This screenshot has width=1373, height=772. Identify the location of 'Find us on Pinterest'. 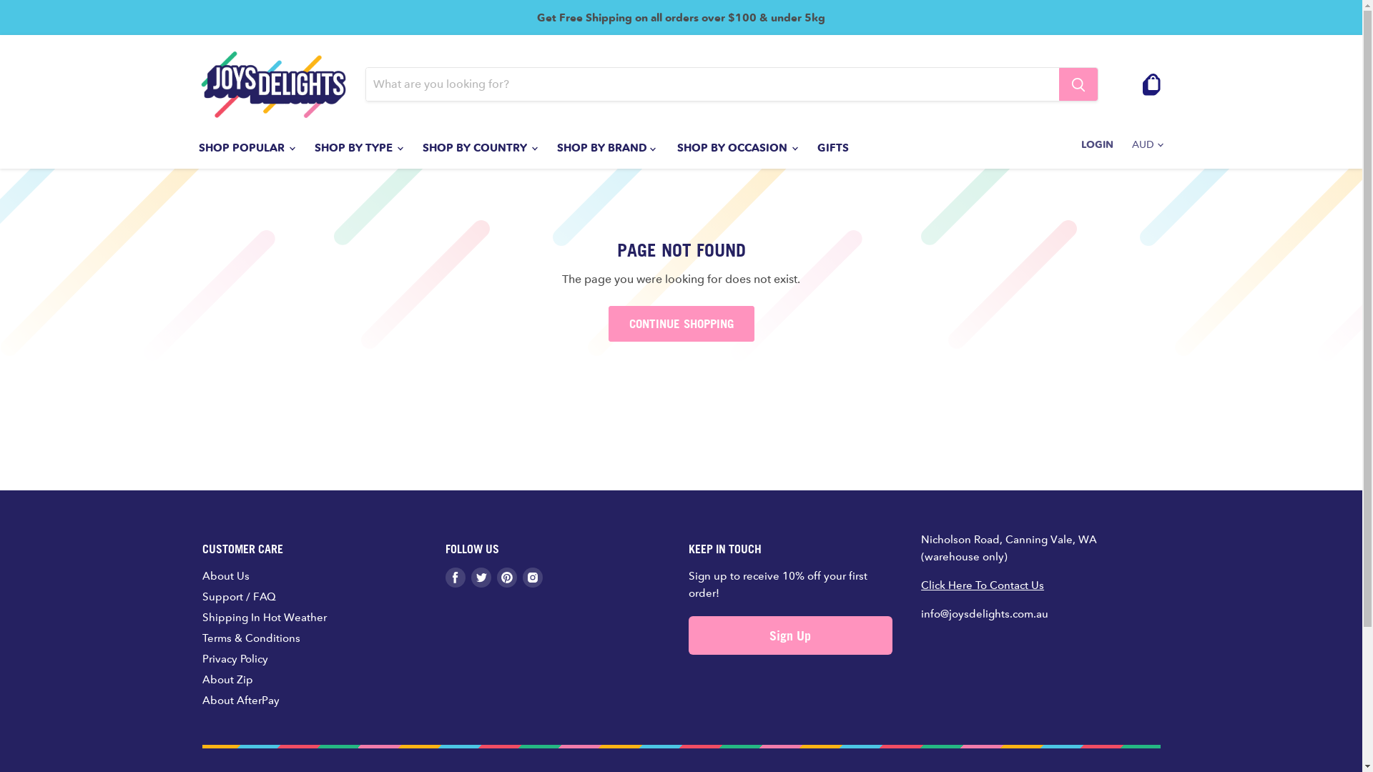
(496, 576).